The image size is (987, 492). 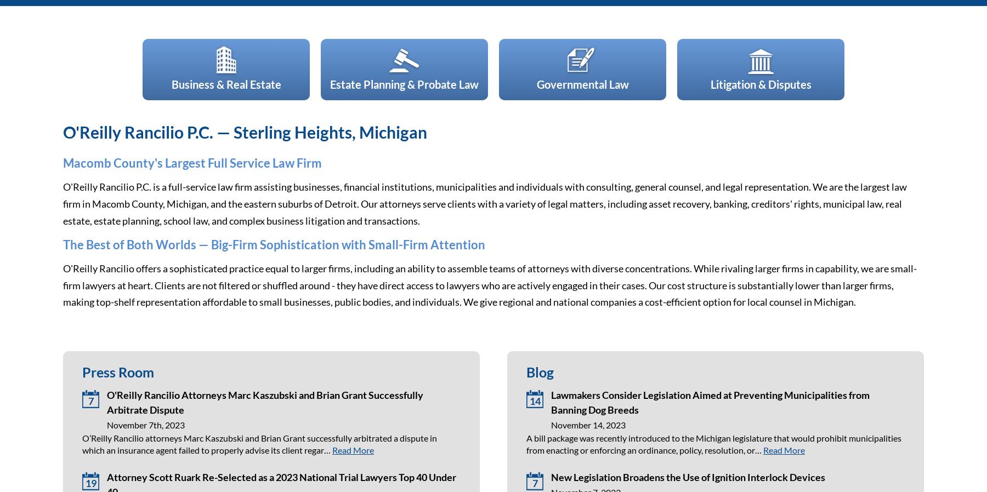 What do you see at coordinates (525, 443) in the screenshot?
I see `'A bill package was recently introduced to the Michigan legislature that would prohibit municipalities from enacting or enforcing an ordinance, policy, resolution, or…'` at bounding box center [525, 443].